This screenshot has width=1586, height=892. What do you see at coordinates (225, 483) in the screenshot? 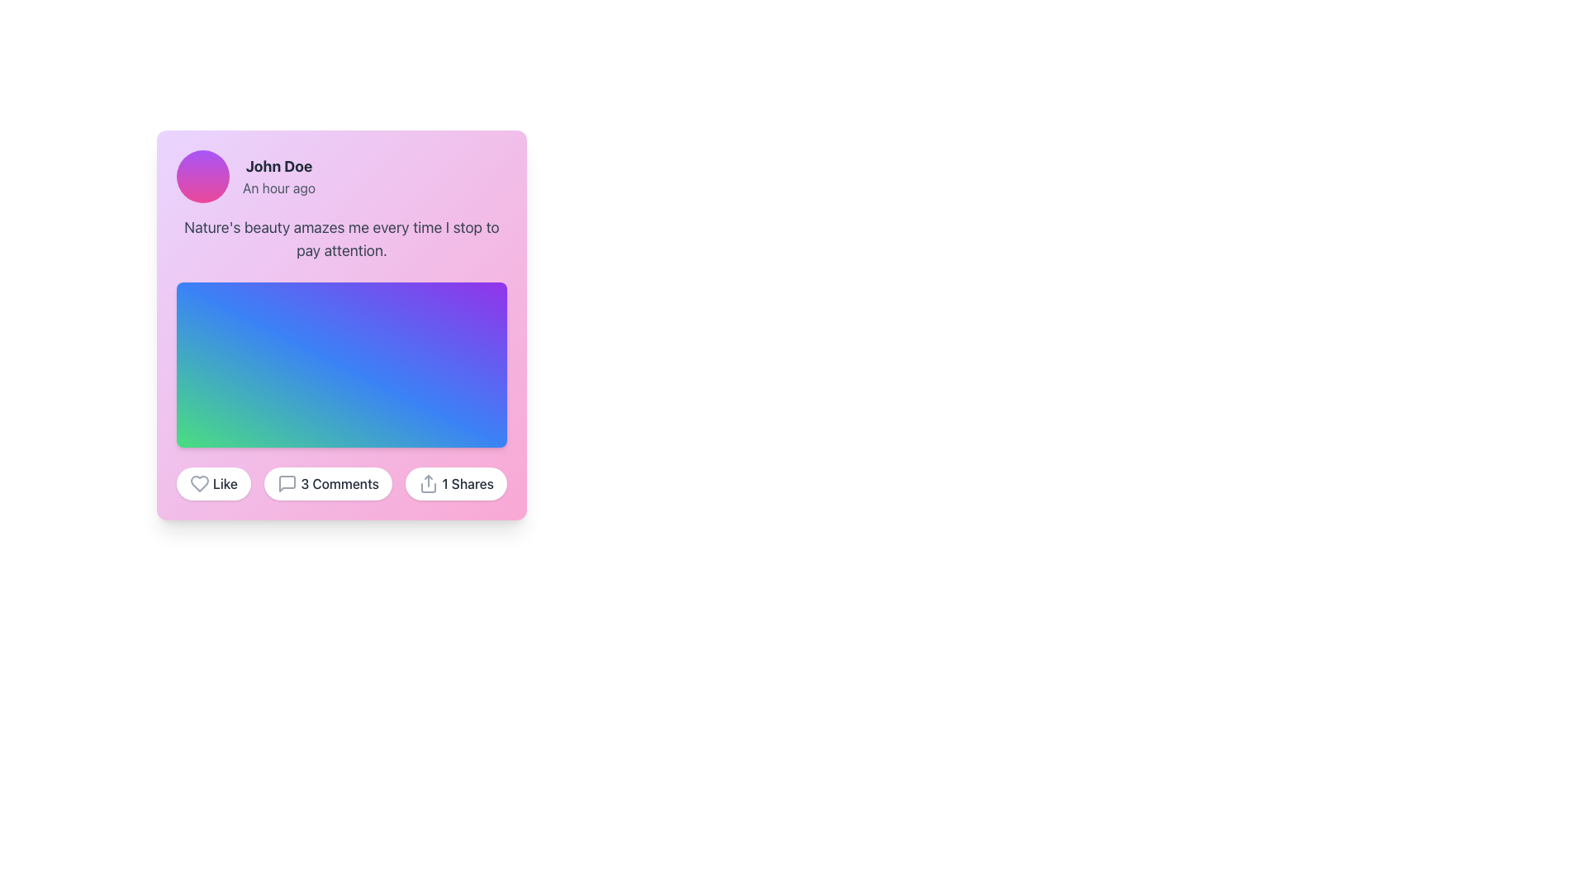
I see `the static text label indicating the functionality of liking a post, which is located within the circular white button at the bottom left of a card` at bounding box center [225, 483].